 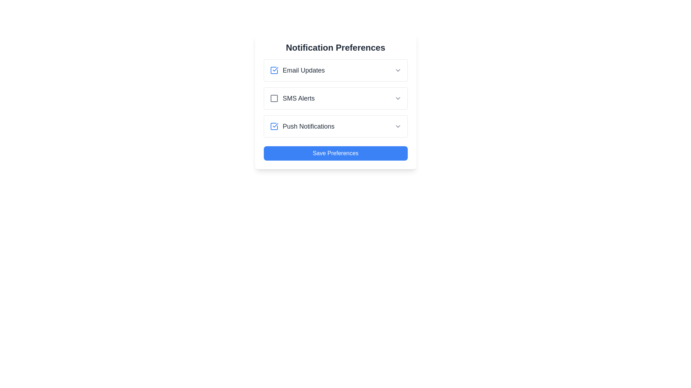 I want to click on the checkbox to enable highlighting, which is located in the second position of the vertical list under 'Notification Preferences' and is aligned to the left of the label 'SMS Alerts', so click(x=274, y=98).